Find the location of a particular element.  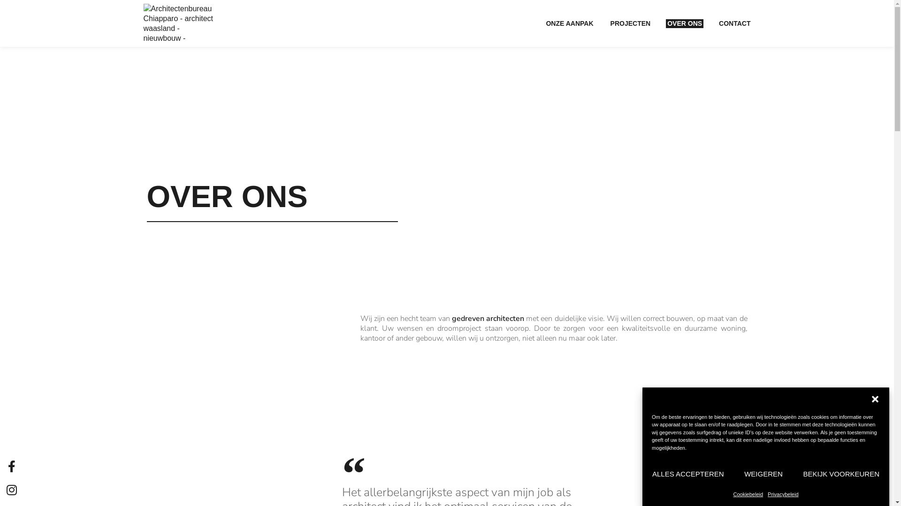

'ALLES ACCEPTEREN' is located at coordinates (651, 474).